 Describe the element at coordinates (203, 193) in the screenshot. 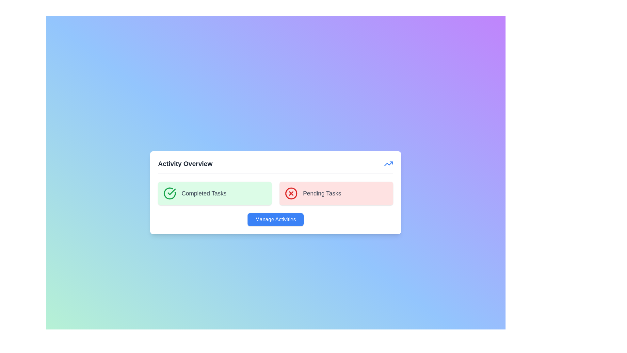

I see `the 'Completed Tasks' text label located to the right of the checkmark icon within the green rectangular area of the dashboard widget` at that location.